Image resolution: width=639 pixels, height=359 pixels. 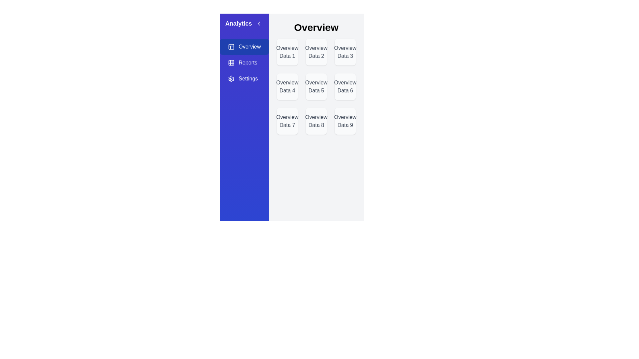 What do you see at coordinates (244, 78) in the screenshot?
I see `the Settings view by clicking on the corresponding sidebar option` at bounding box center [244, 78].